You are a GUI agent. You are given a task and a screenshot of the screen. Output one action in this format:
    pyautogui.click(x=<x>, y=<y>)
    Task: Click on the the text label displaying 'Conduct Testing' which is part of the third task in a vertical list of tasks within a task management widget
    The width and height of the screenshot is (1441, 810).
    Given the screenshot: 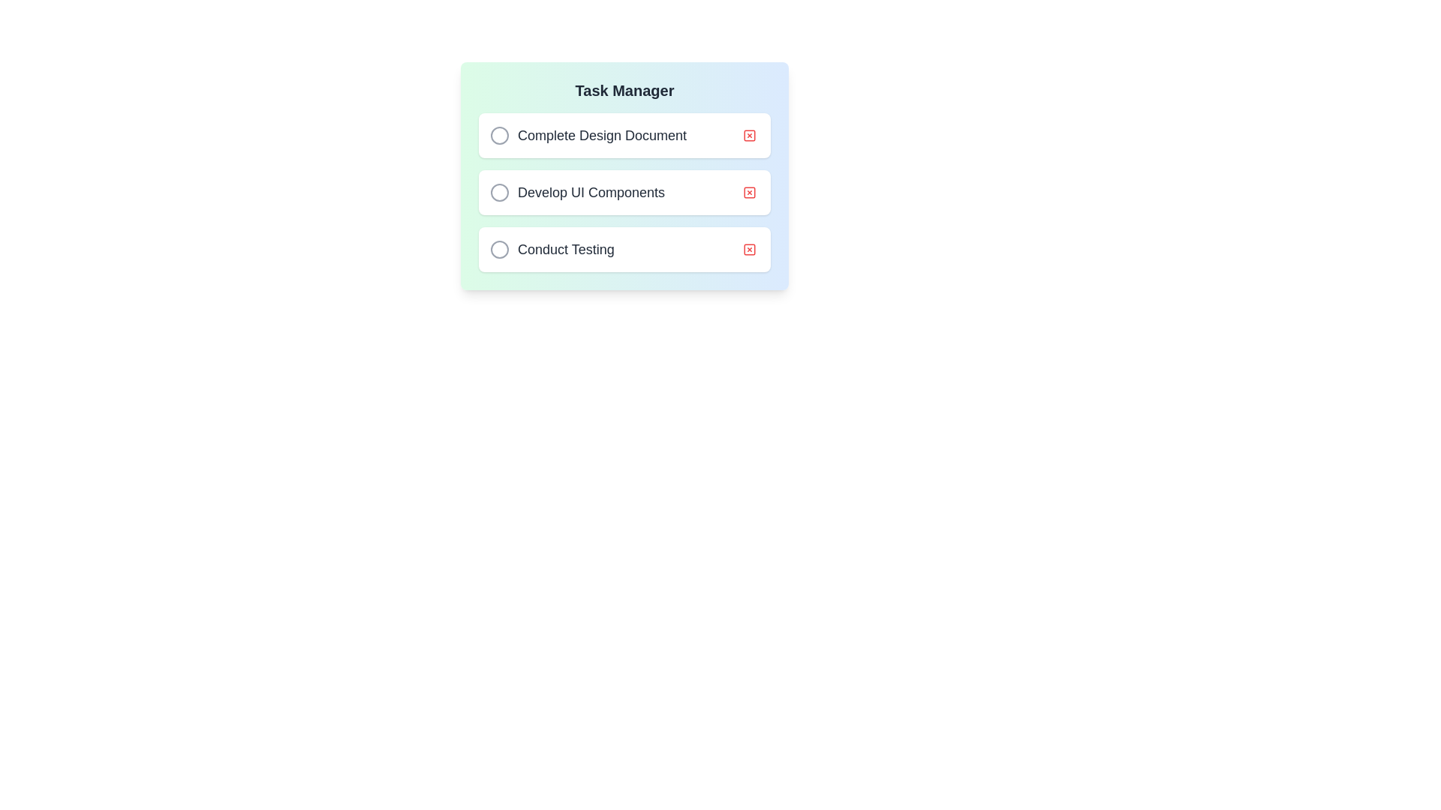 What is the action you would take?
    pyautogui.click(x=565, y=248)
    